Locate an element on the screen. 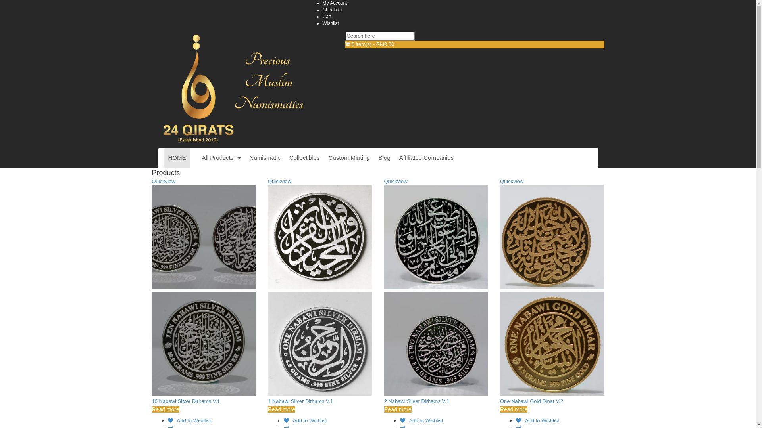  'Cart' is located at coordinates (327, 17).